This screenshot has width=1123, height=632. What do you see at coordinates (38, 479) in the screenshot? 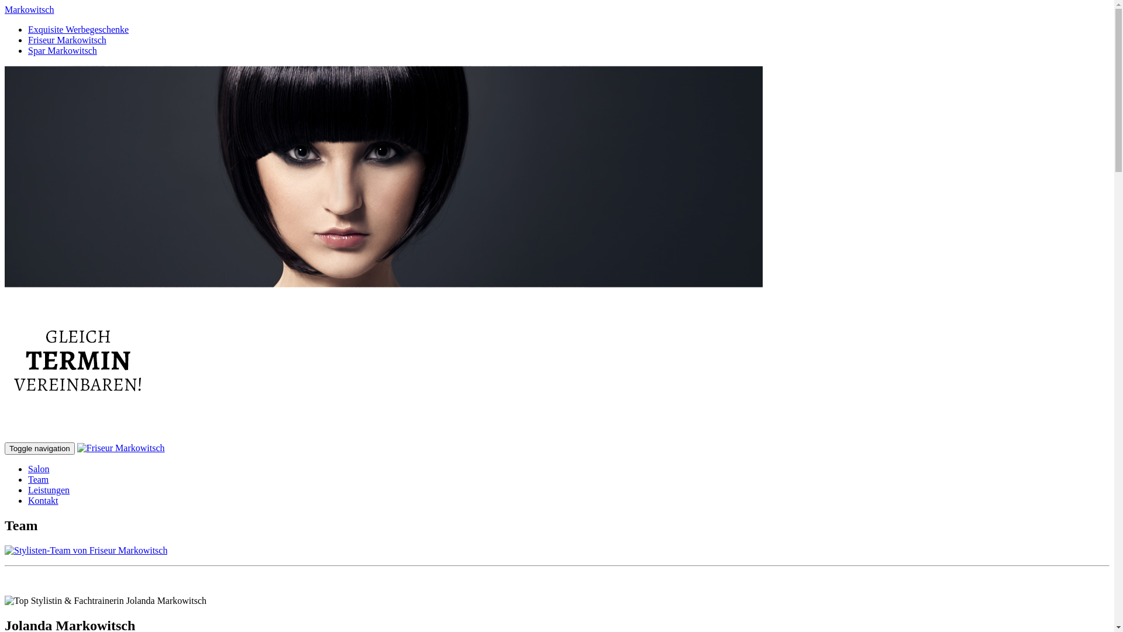
I see `'Team'` at bounding box center [38, 479].